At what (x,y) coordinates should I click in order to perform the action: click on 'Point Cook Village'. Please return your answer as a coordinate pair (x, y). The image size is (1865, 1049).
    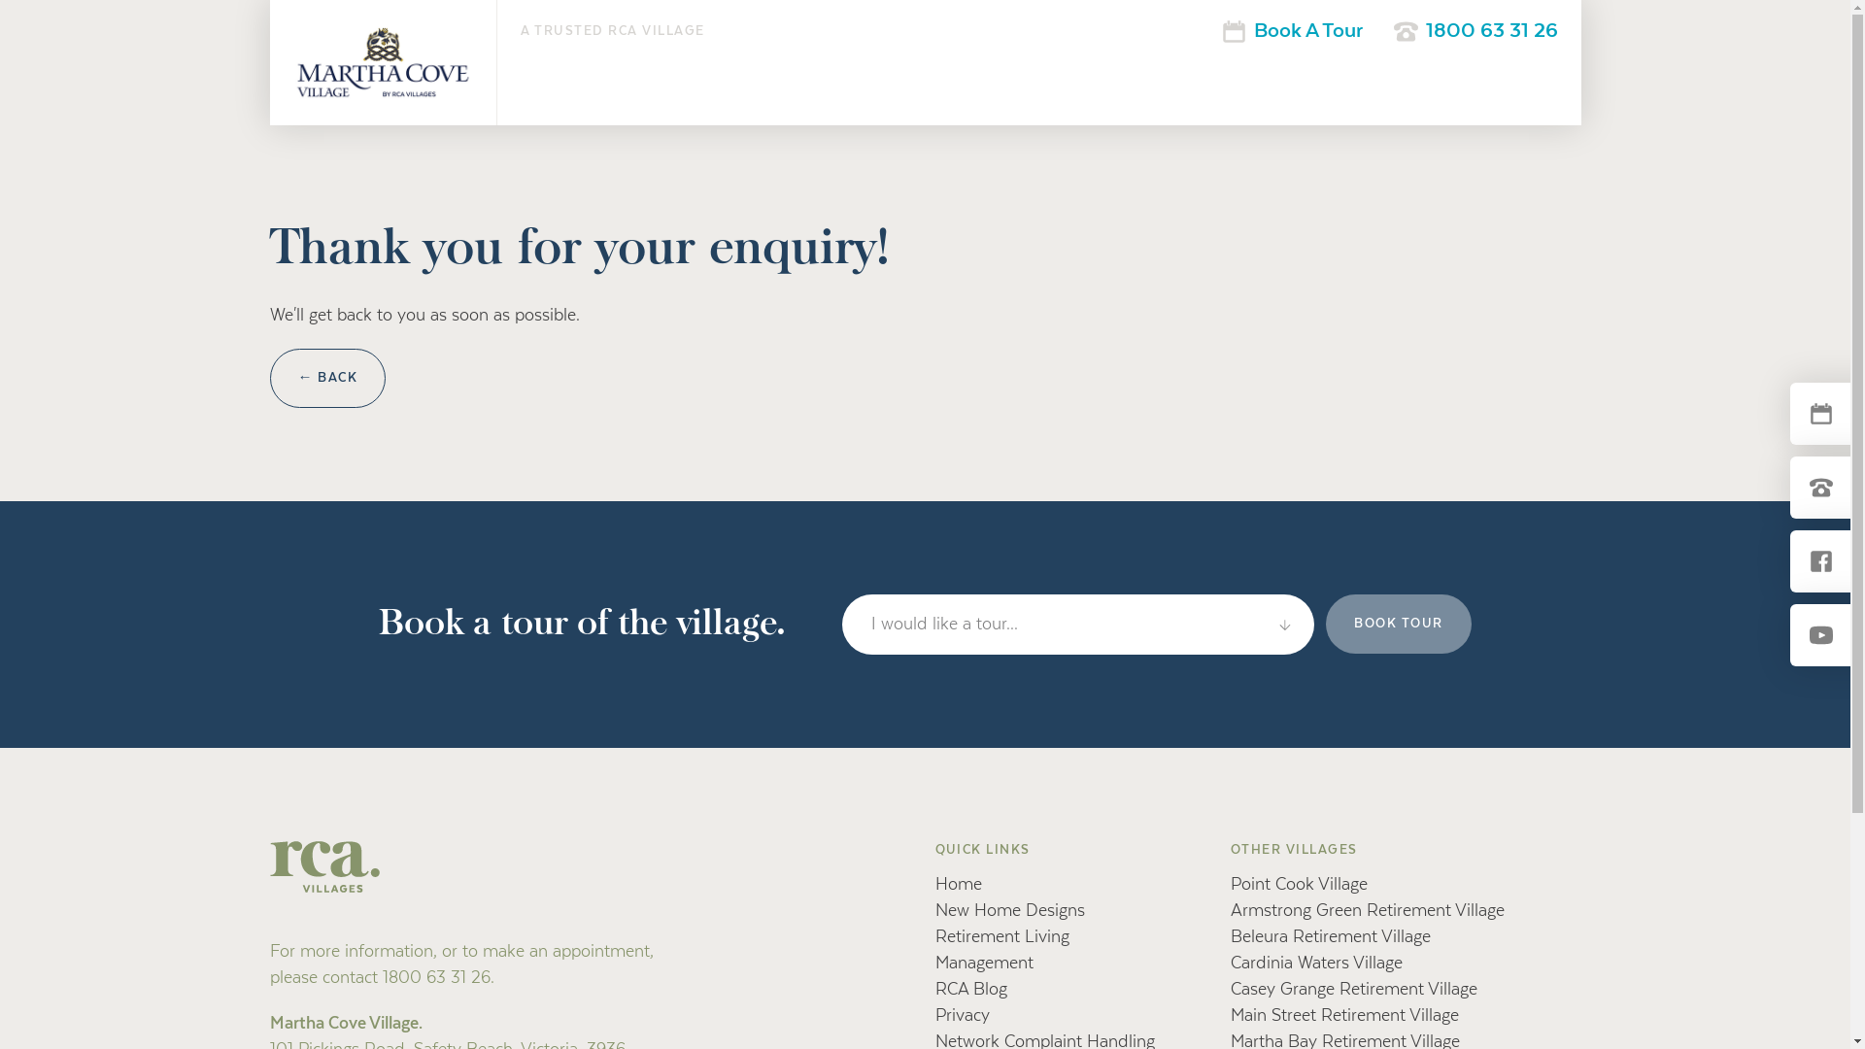
    Looking at the image, I should click on (1299, 884).